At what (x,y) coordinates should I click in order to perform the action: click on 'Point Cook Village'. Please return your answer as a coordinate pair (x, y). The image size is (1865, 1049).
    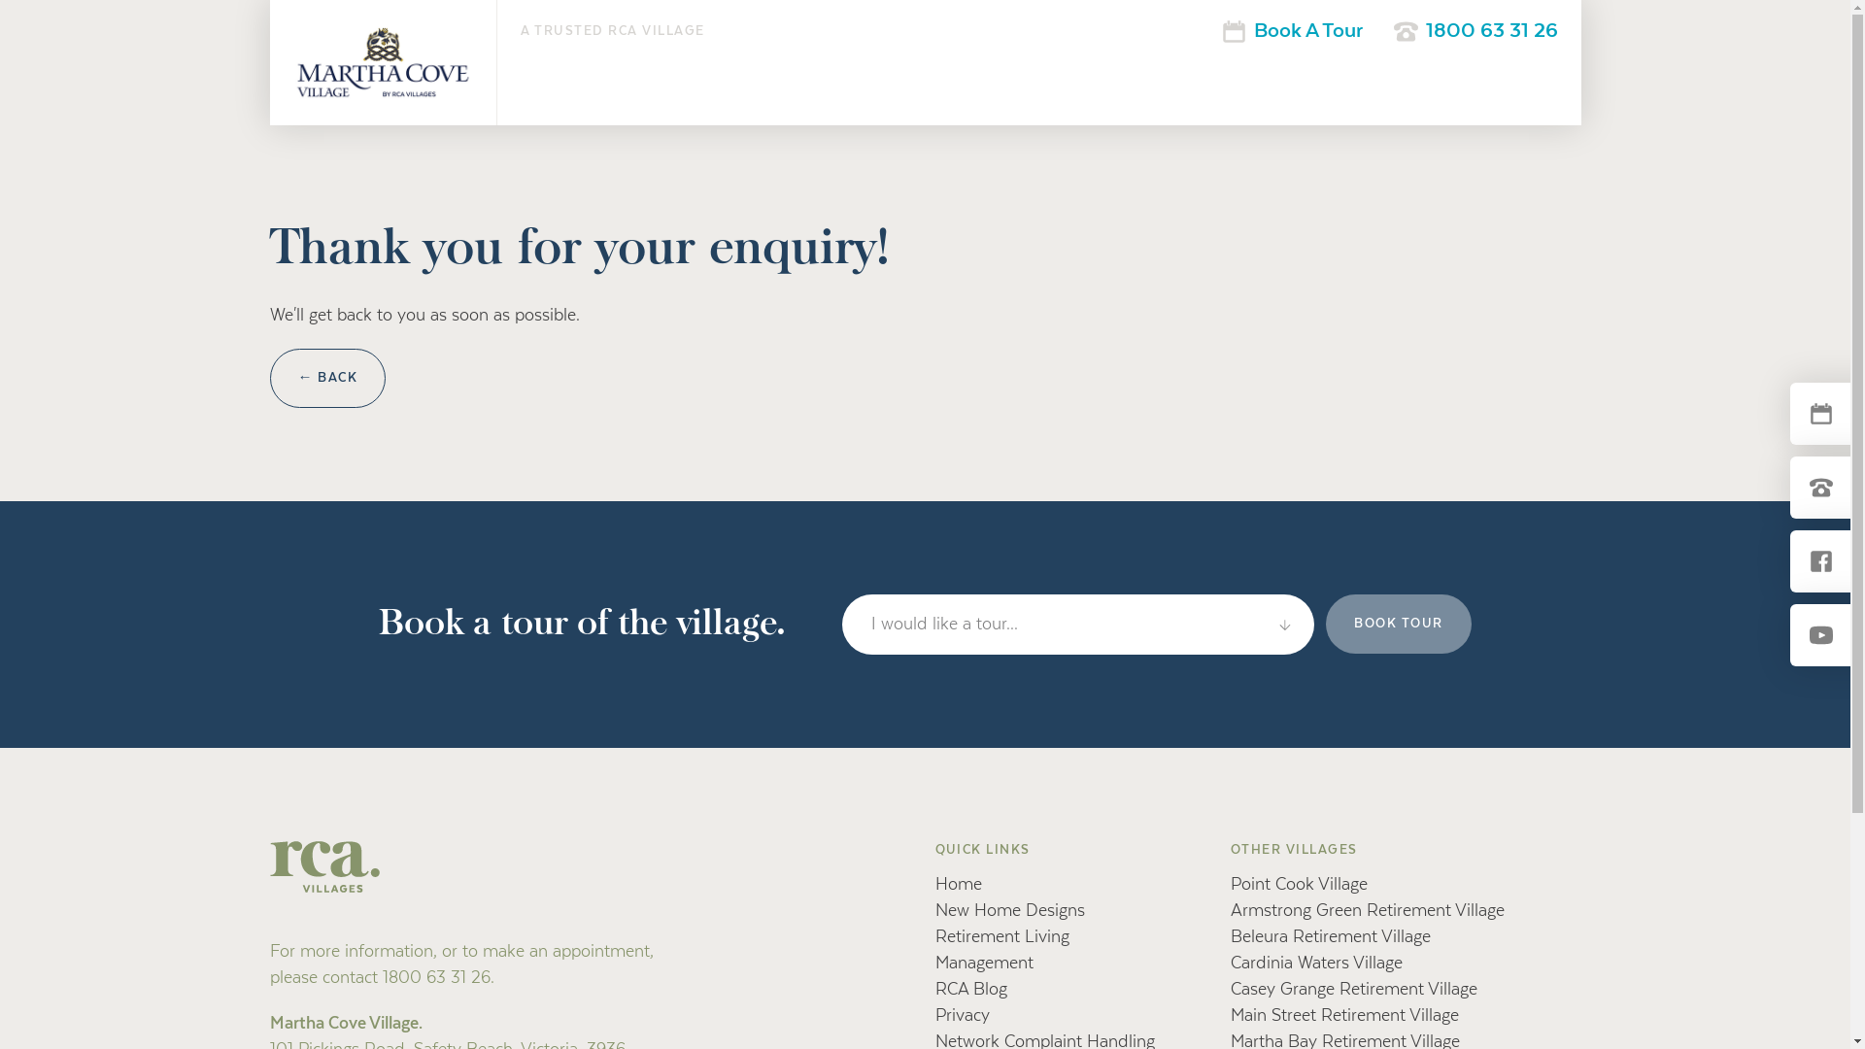
    Looking at the image, I should click on (1299, 884).